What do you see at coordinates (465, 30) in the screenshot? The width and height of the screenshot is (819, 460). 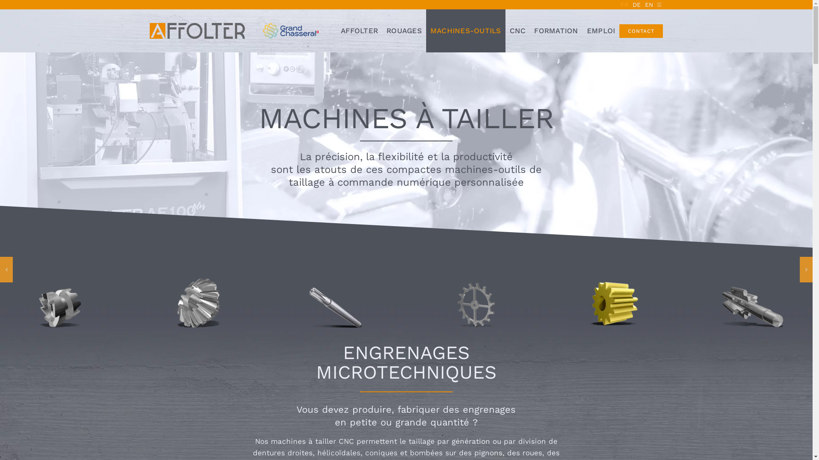 I see `'MACHINES-OUTILS'` at bounding box center [465, 30].